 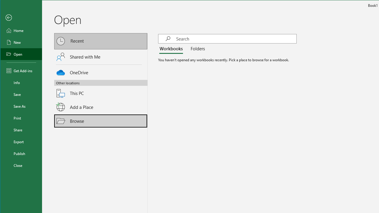 I want to click on 'Save As', so click(x=21, y=106).